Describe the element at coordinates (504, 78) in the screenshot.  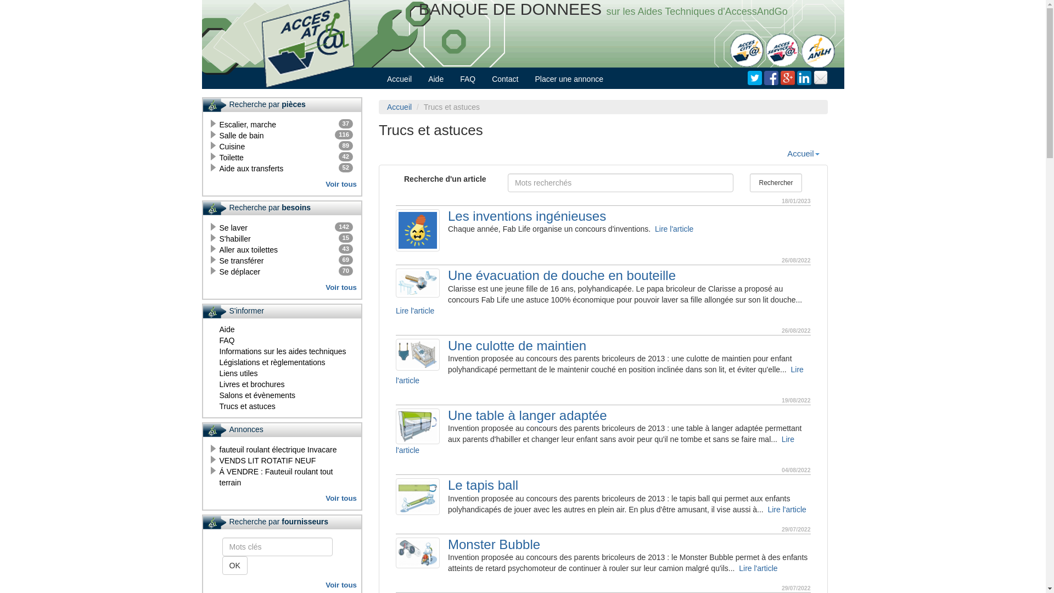
I see `'Contact'` at that location.